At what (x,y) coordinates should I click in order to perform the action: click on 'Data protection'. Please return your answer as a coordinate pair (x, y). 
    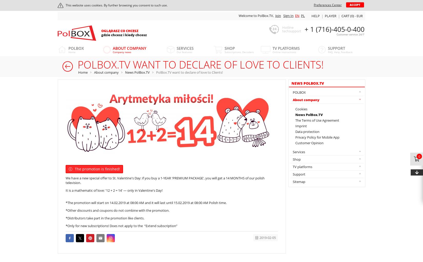
    Looking at the image, I should click on (307, 131).